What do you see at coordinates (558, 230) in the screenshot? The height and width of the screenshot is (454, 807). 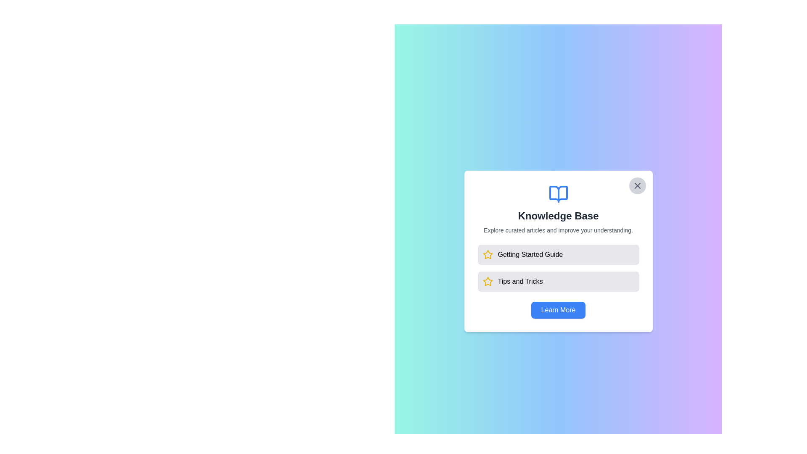 I see `the informational text label that provides context about the 'Knowledge Base', positioned below the heading and above the clickable items` at bounding box center [558, 230].